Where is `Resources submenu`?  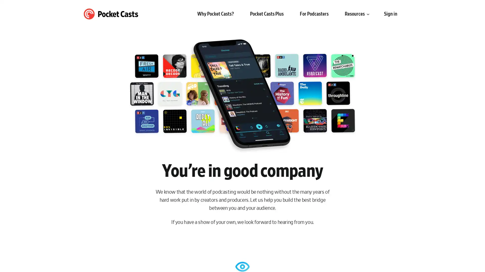
Resources submenu is located at coordinates (354, 13).